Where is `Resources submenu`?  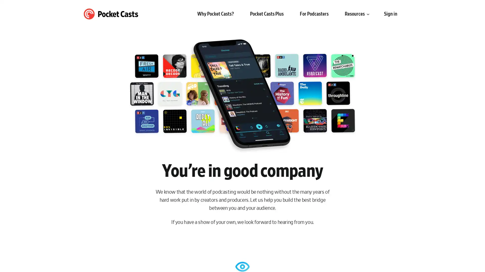
Resources submenu is located at coordinates (354, 13).